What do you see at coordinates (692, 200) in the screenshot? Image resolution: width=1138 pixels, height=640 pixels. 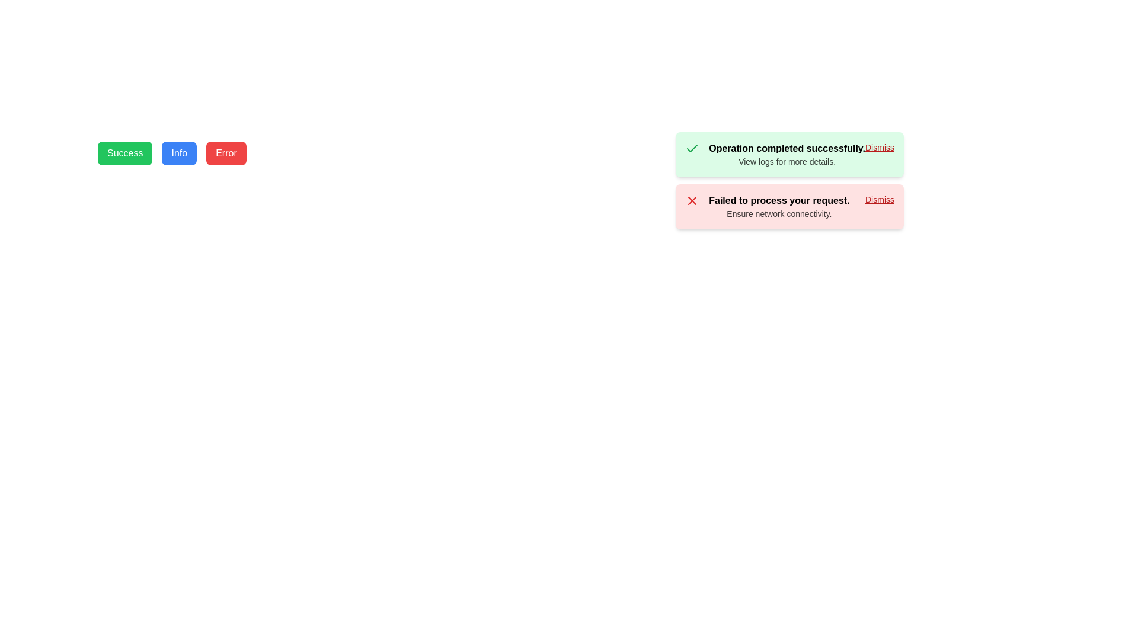 I see `the error icon located directly to the left of the text 'Failed to process your request' in the upper section of the error message box` at bounding box center [692, 200].